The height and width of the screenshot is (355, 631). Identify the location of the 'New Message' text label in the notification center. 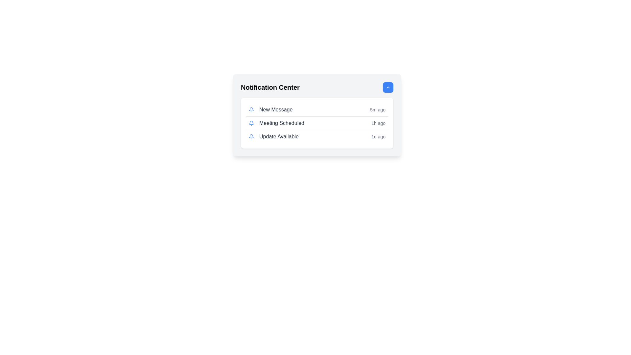
(276, 109).